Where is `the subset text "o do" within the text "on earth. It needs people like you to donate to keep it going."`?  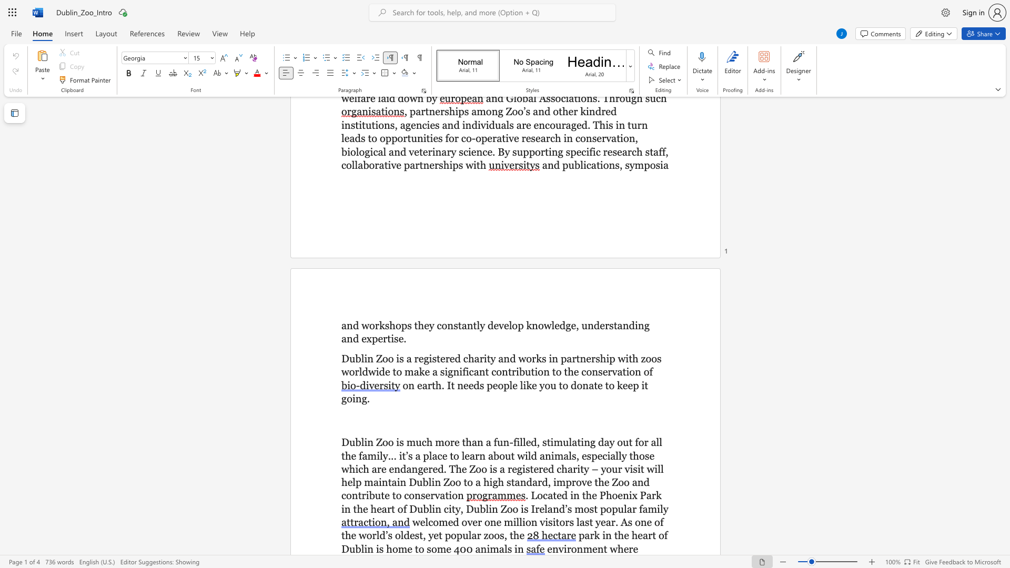 the subset text "o do" within the text "on earth. It needs people like you to donate to keep it going." is located at coordinates (562, 385).